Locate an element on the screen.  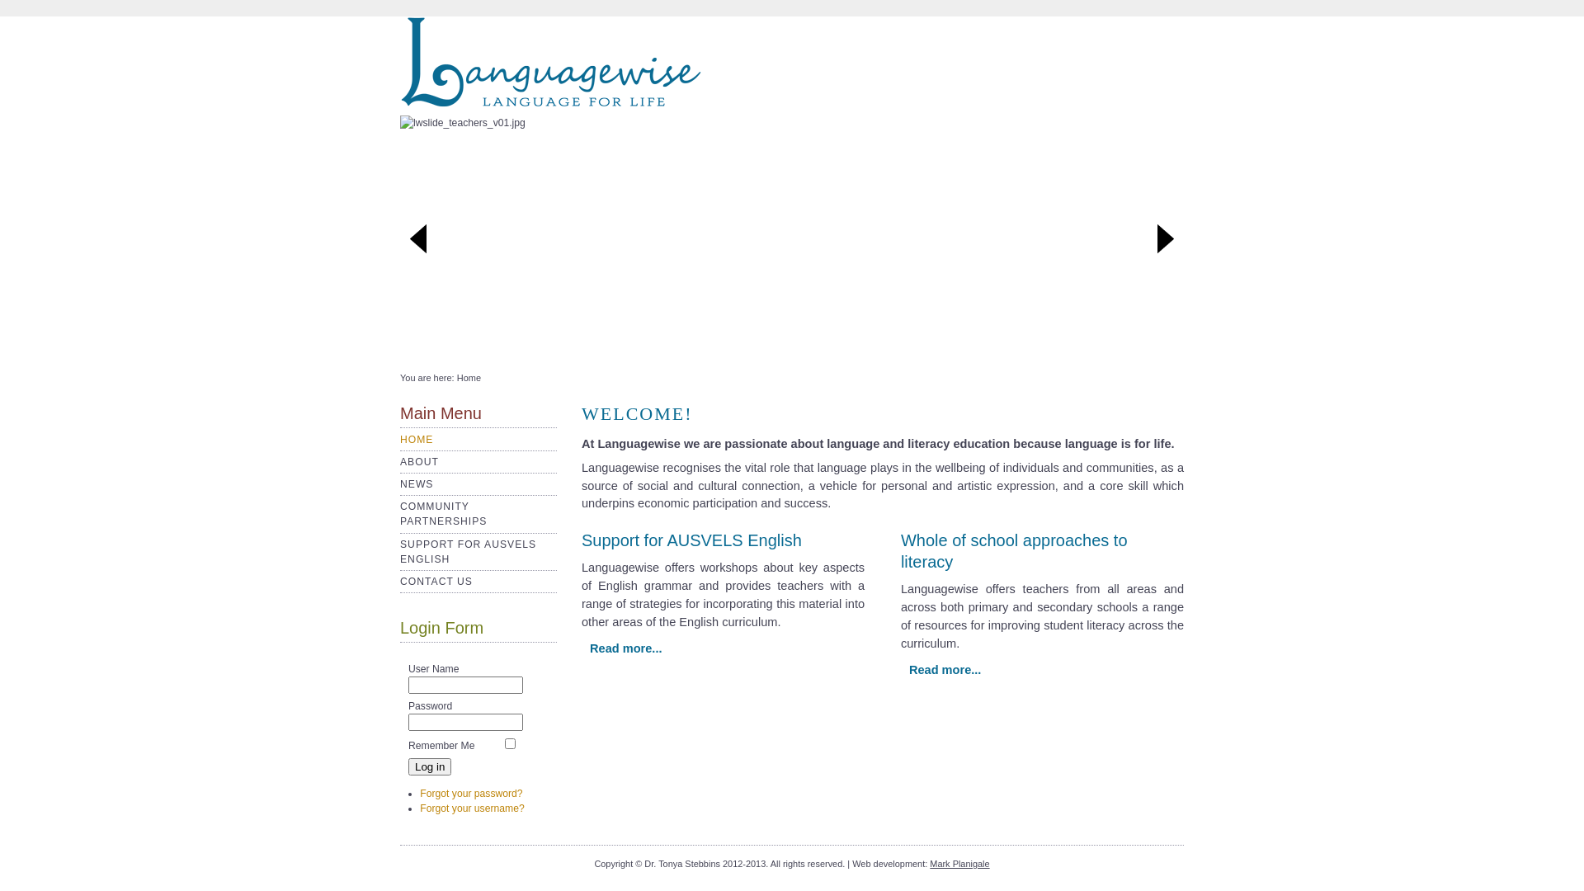
'Mark Planigale' is located at coordinates (930, 862).